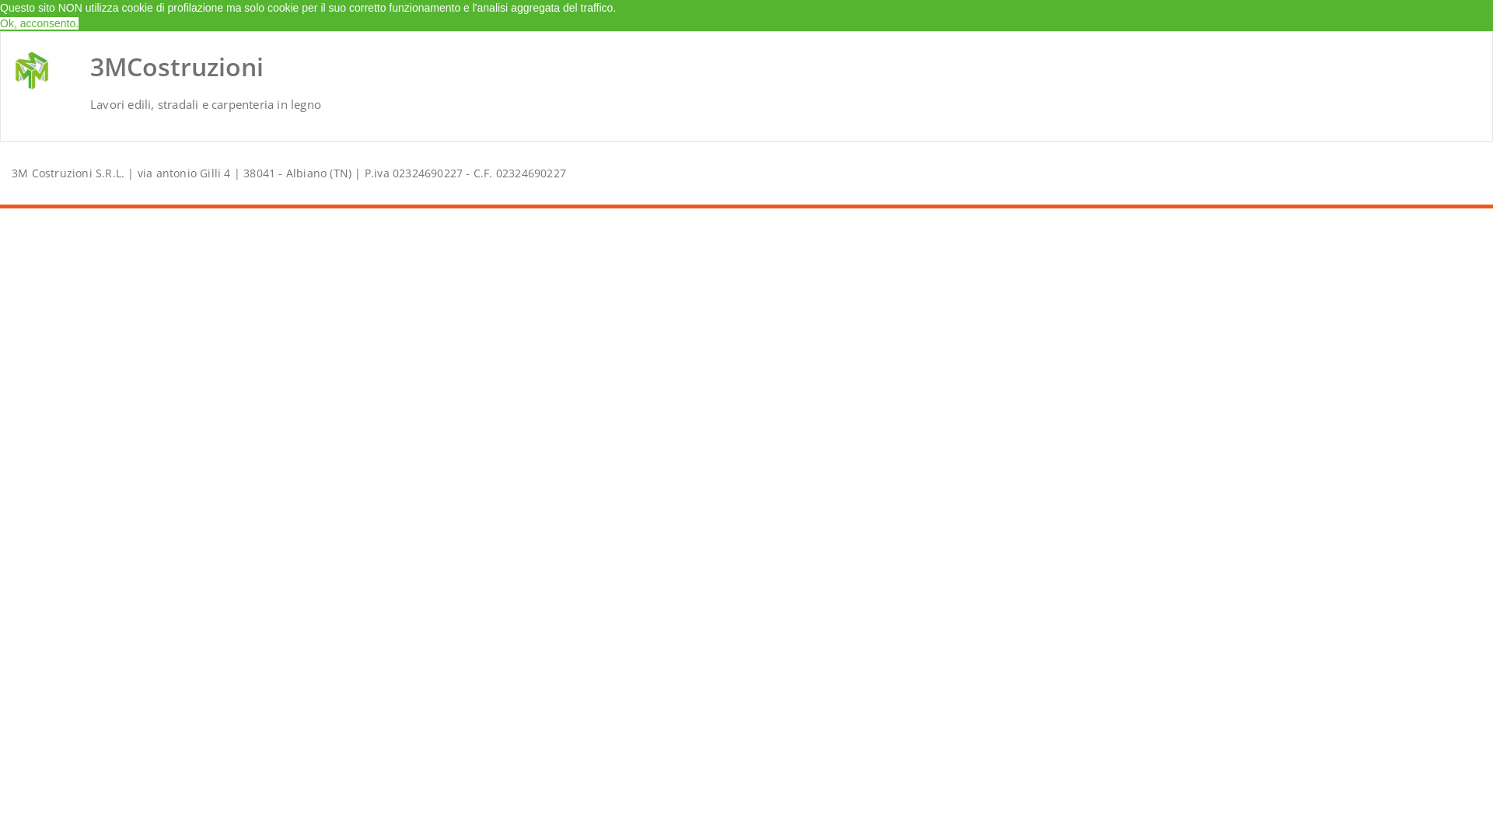 The height and width of the screenshot is (840, 1493). What do you see at coordinates (39, 23) in the screenshot?
I see `'Ok, acconsento.'` at bounding box center [39, 23].